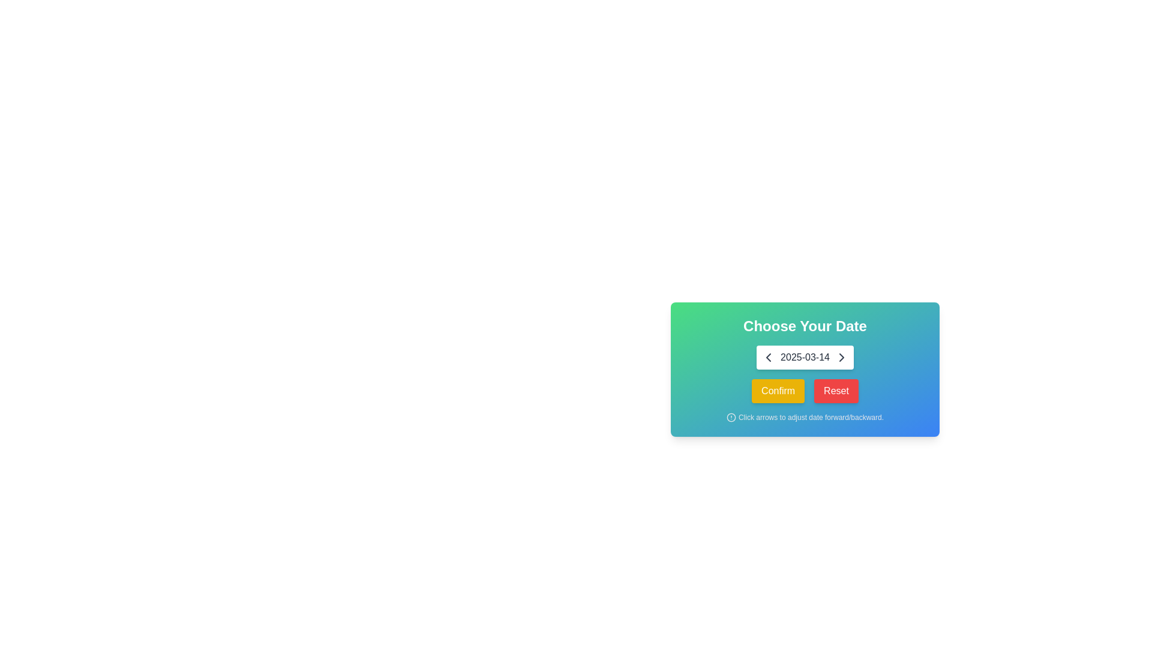 The width and height of the screenshot is (1152, 648). What do you see at coordinates (841, 357) in the screenshot?
I see `the rightward-pointing chevron icon located to the right of the date input field in the date selection interface` at bounding box center [841, 357].